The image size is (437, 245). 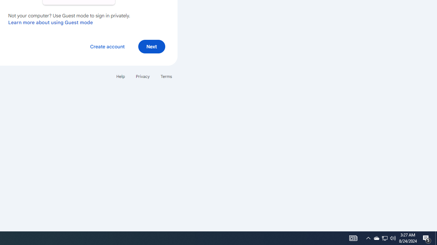 What do you see at coordinates (50, 22) in the screenshot?
I see `'Learn more about using Guest mode'` at bounding box center [50, 22].